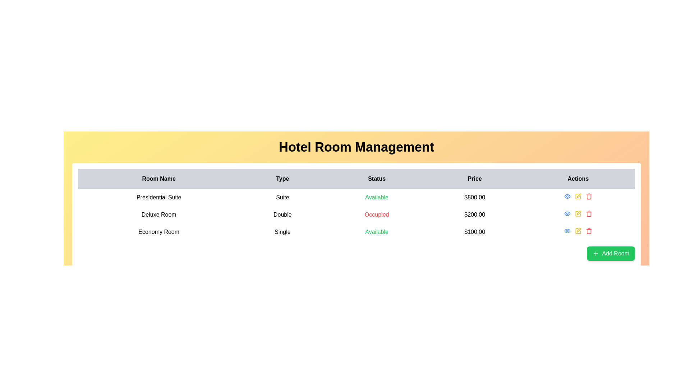  I want to click on the yellow pencil icon in the 'Actions' column of the table row for 'Economy Room', so click(578, 231).